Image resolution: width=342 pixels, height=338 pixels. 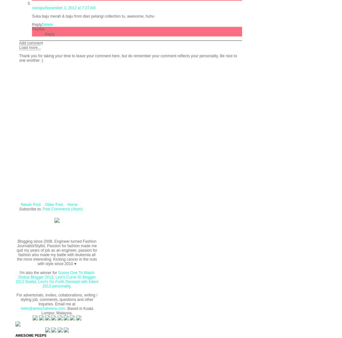 What do you see at coordinates (29, 47) in the screenshot?
I see `'Load more...'` at bounding box center [29, 47].